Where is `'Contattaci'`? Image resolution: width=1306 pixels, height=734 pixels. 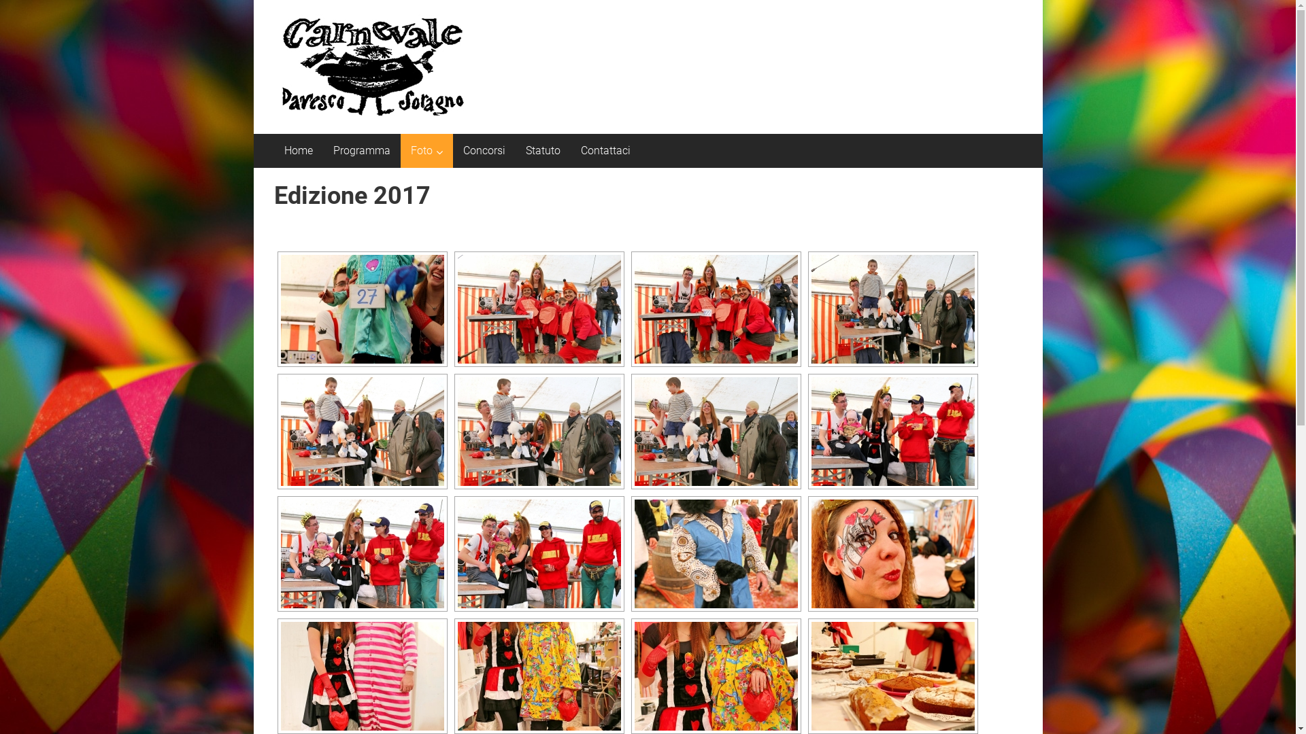
'Contattaci' is located at coordinates (605, 151).